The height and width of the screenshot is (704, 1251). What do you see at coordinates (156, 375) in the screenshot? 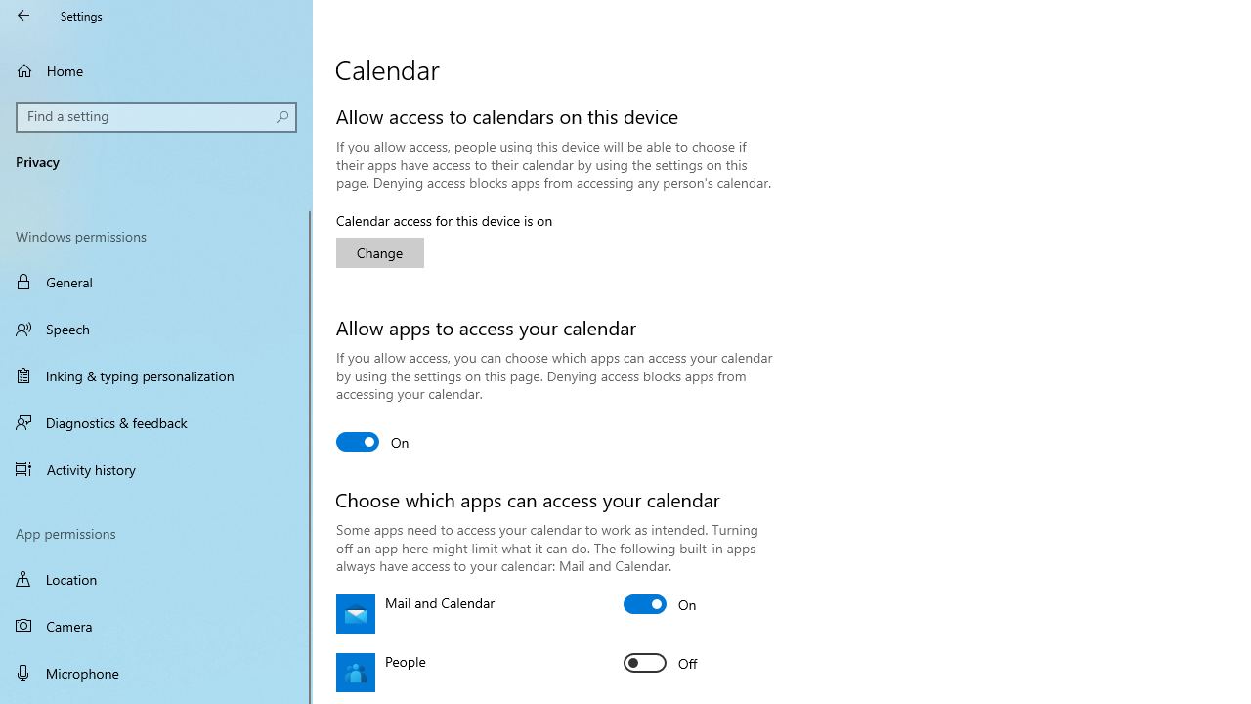
I see `'Inking & typing personalization'` at bounding box center [156, 375].